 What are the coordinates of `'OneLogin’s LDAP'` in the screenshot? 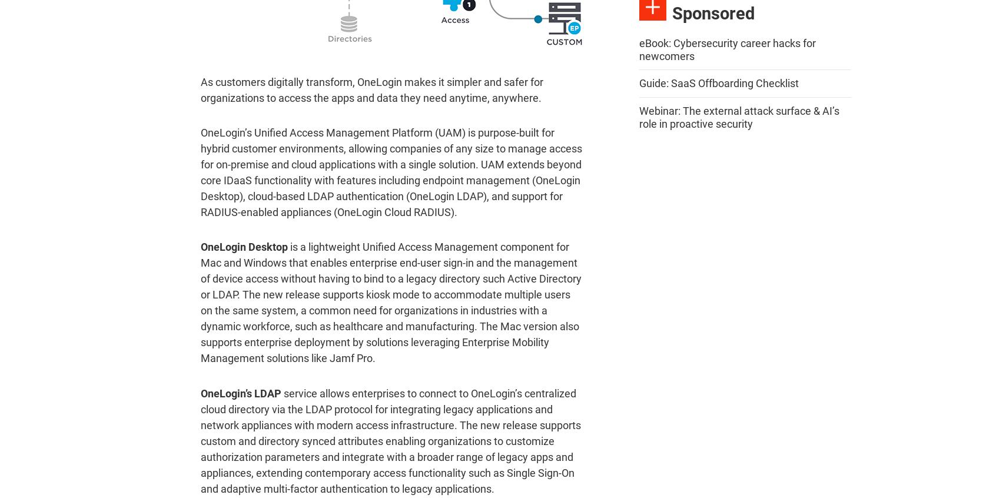 It's located at (241, 393).